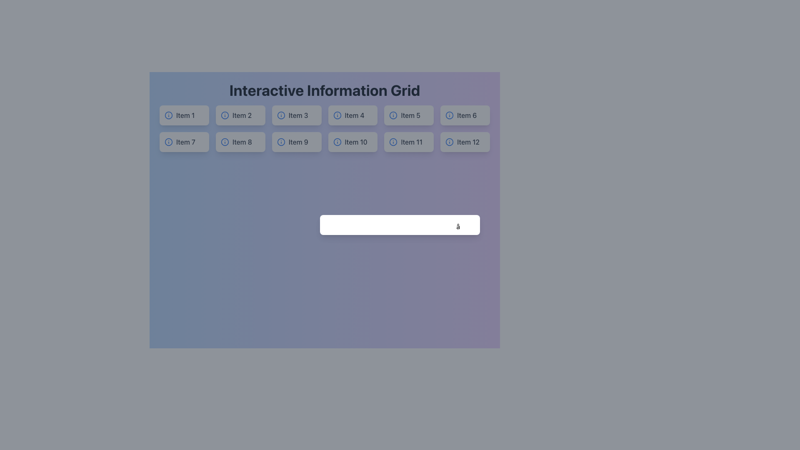  Describe the element at coordinates (298, 115) in the screenshot. I see `the text label displaying 'Item 3', which is located in the first row and third column of the grid layout, flanked by an information icon on the left` at that location.